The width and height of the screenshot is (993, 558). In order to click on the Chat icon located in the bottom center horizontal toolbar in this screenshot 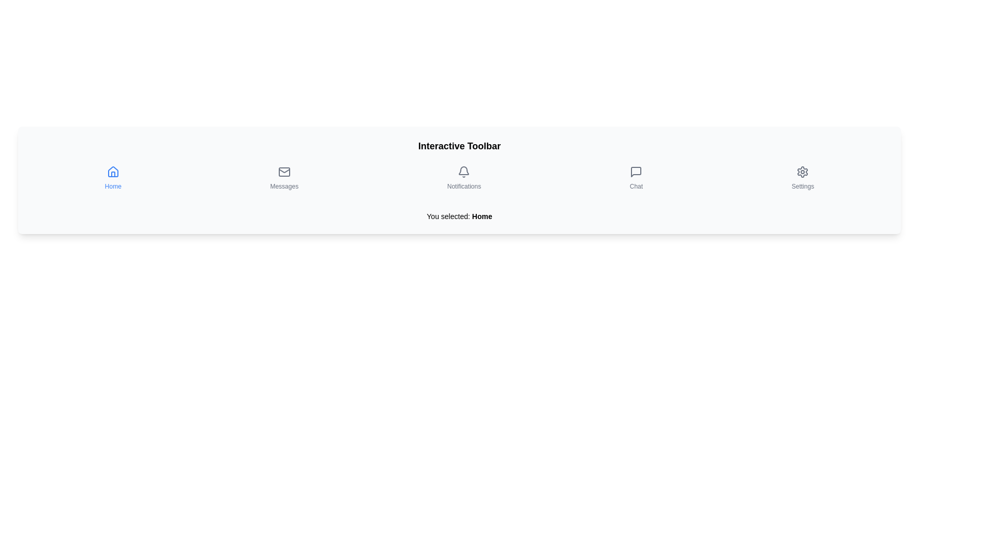, I will do `click(636, 171)`.